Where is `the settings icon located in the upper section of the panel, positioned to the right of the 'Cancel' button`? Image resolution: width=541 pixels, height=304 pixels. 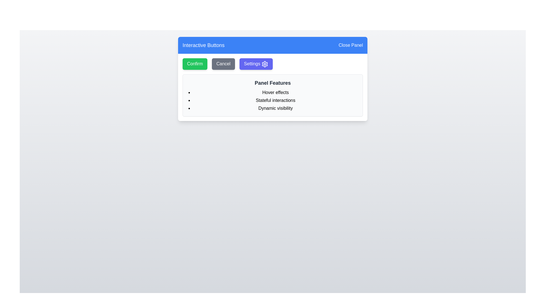
the settings icon located in the upper section of the panel, positioned to the right of the 'Cancel' button is located at coordinates (264, 64).